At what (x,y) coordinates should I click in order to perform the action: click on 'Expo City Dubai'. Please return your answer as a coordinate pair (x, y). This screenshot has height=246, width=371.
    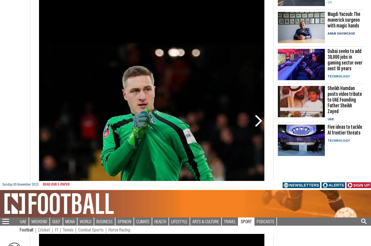
    Looking at the image, I should click on (18, 234).